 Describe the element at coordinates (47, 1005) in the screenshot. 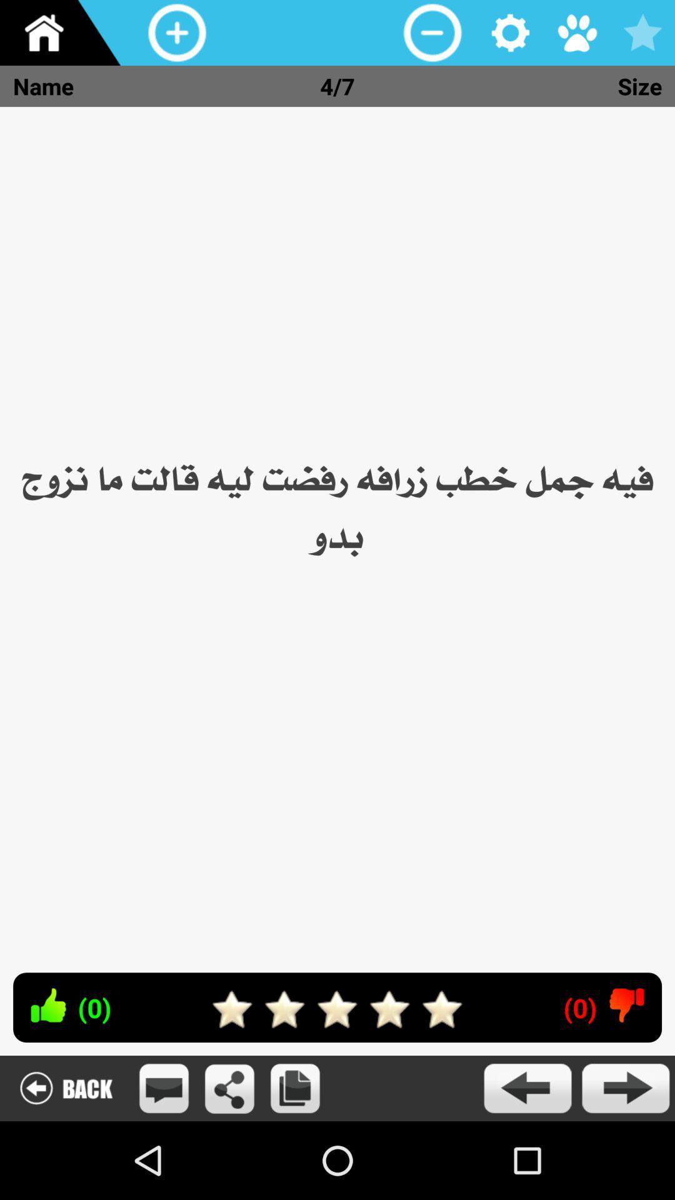

I see `like this phrase` at that location.